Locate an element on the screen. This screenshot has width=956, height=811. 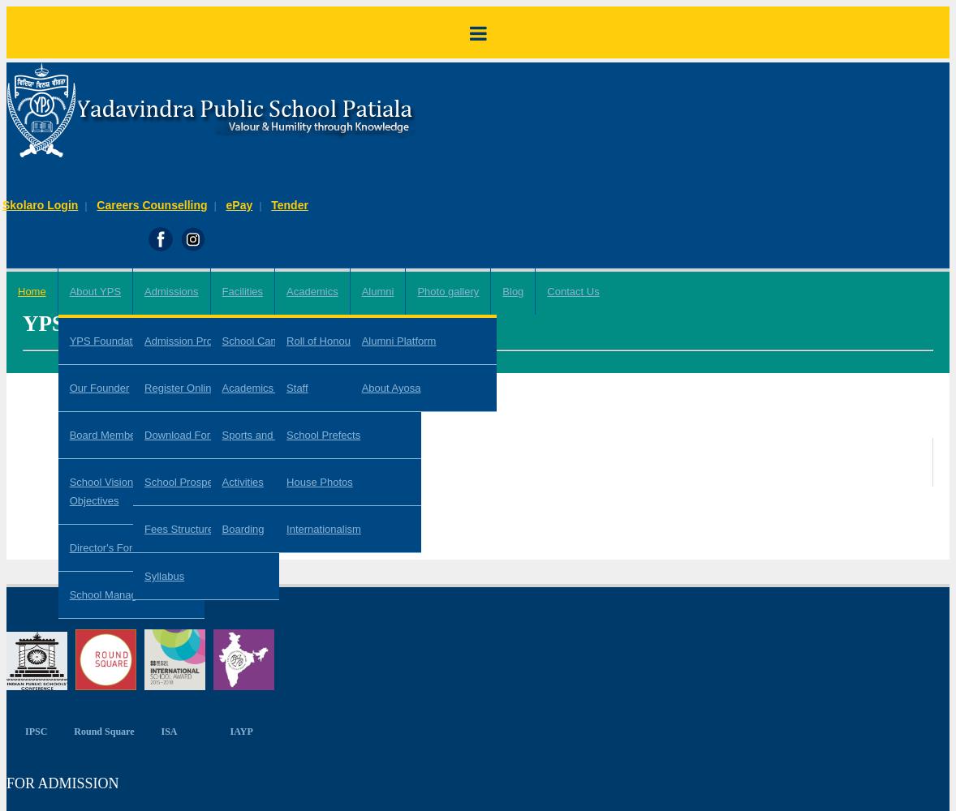
'IPSC' is located at coordinates (35, 731).